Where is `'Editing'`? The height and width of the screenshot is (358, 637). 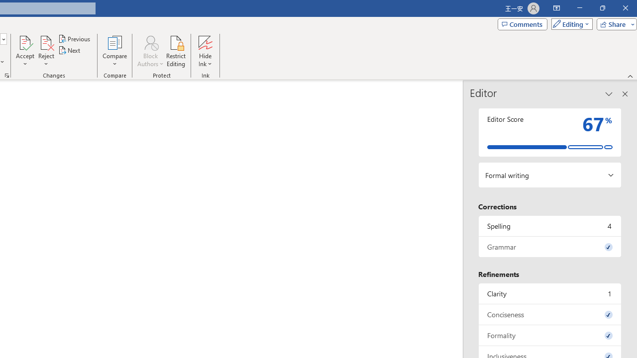 'Editing' is located at coordinates (569, 23).